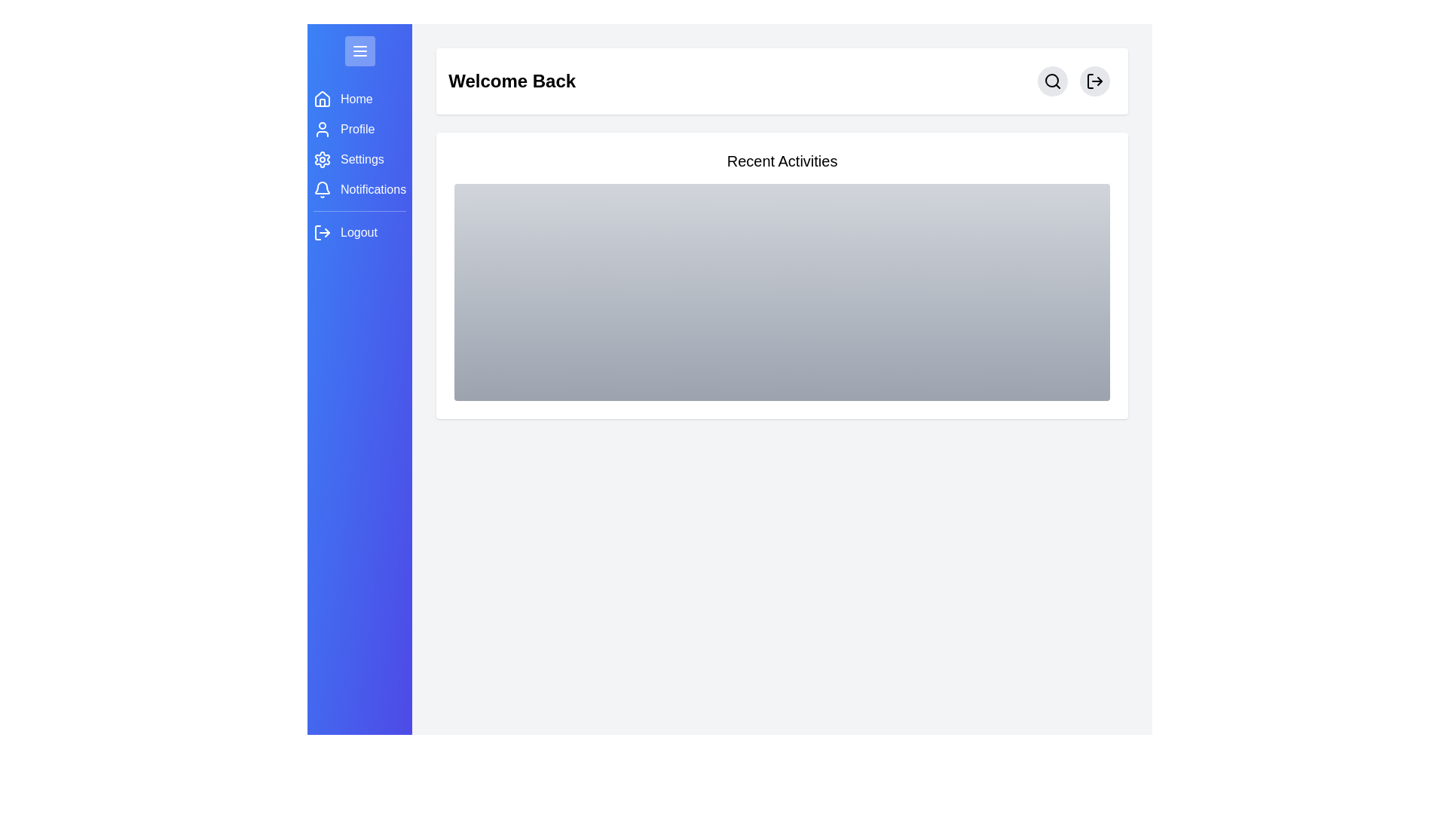  What do you see at coordinates (359, 166) in the screenshot?
I see `the 'Settings' menu item in the sidebar navigation, which is the third entry labeled with white text on a blue background and a gear icon` at bounding box center [359, 166].